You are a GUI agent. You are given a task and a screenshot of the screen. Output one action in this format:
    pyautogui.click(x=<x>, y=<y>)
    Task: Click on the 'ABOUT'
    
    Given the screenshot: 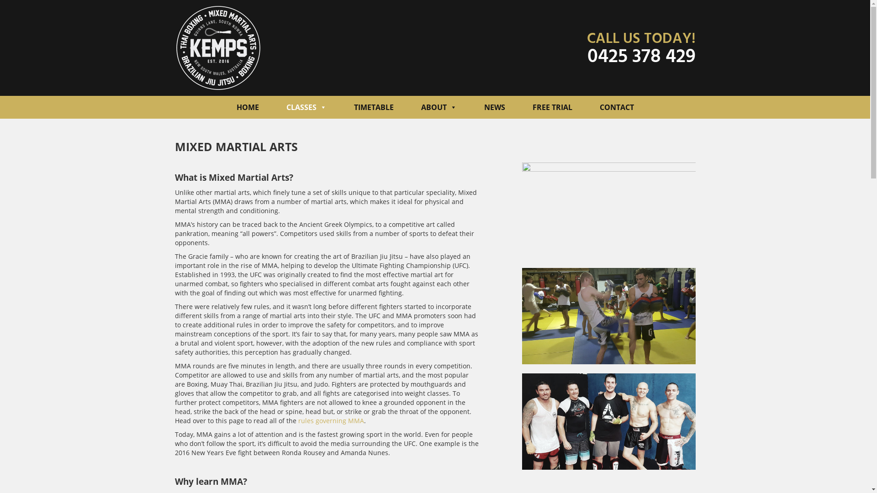 What is the action you would take?
    pyautogui.click(x=438, y=107)
    